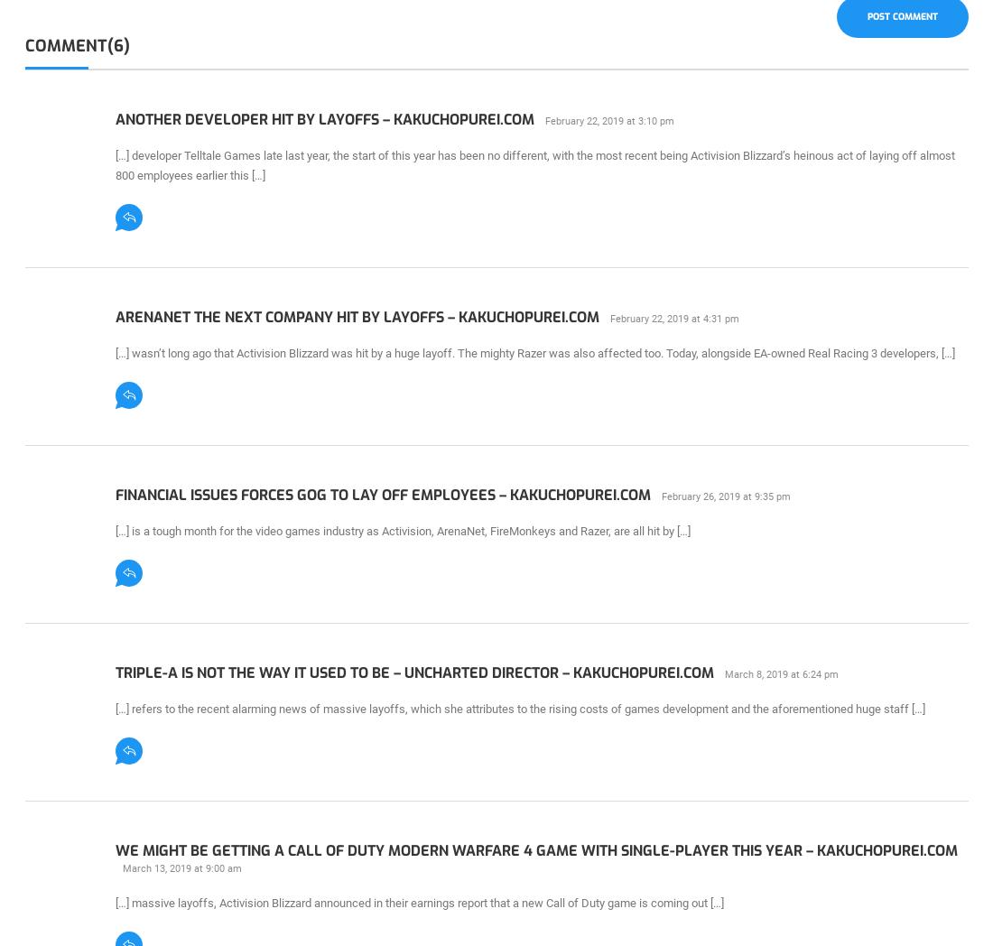  I want to click on 'March 13, 2019 at 9:00 am', so click(180, 867).